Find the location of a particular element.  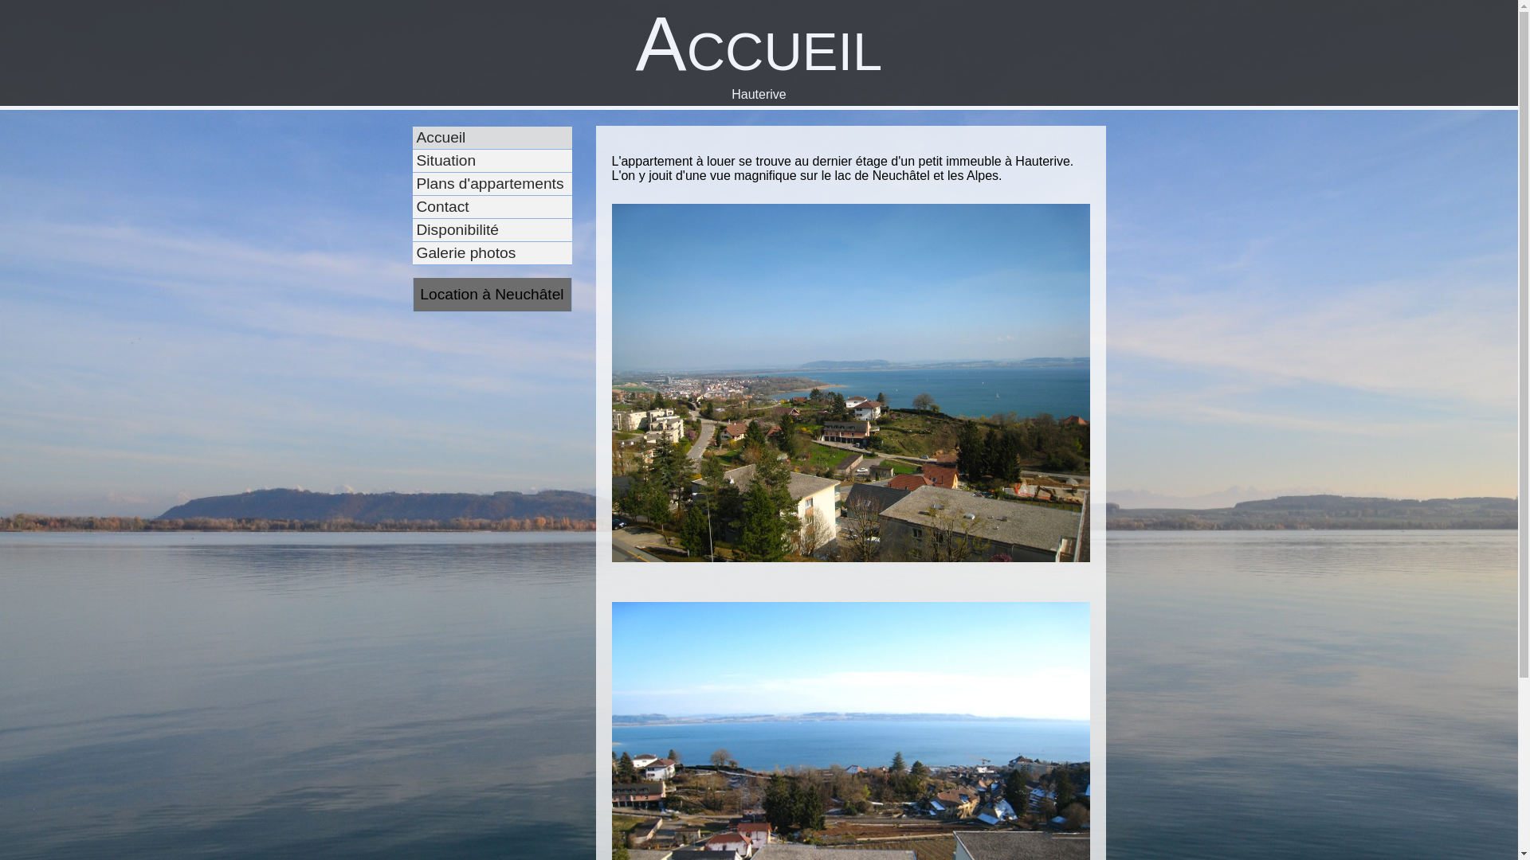

'Contact' is located at coordinates (444, 206).